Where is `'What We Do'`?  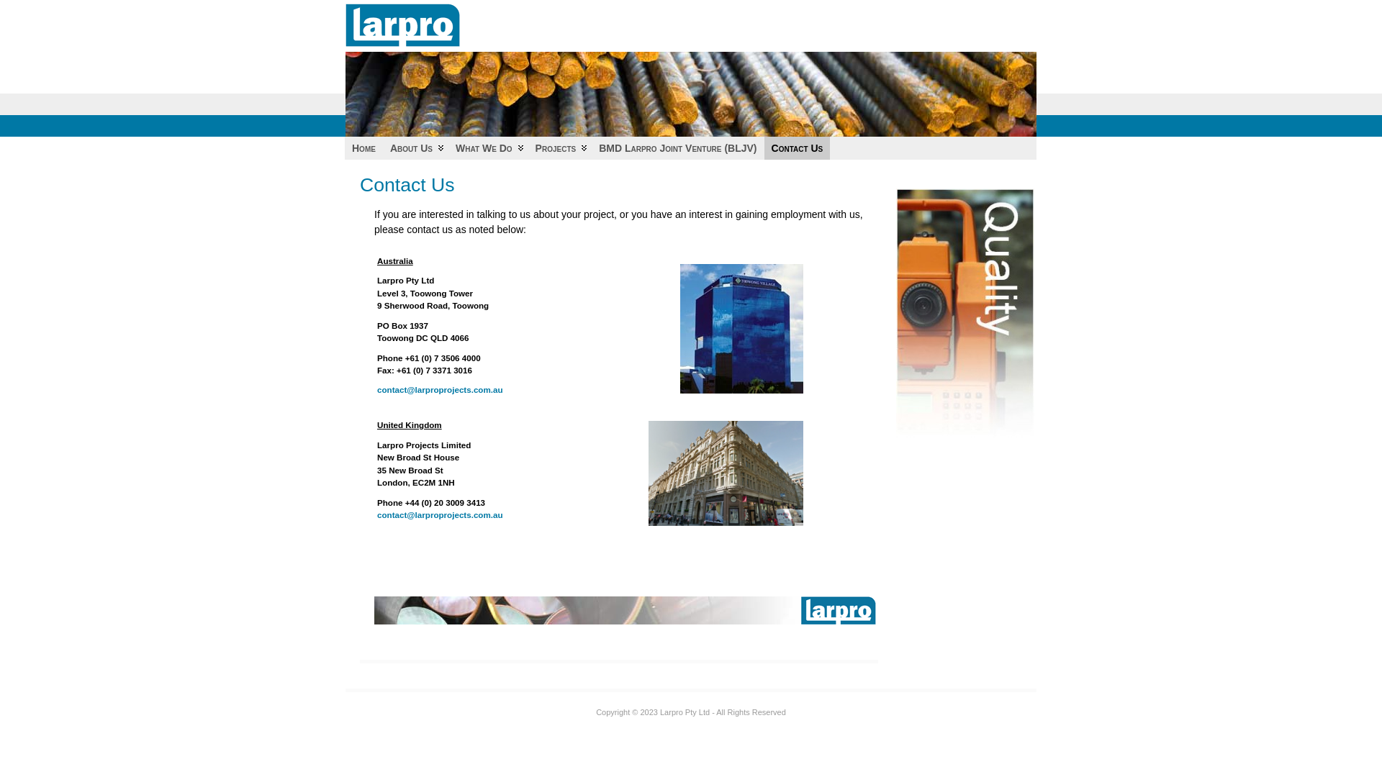
'What We Do' is located at coordinates (488, 147).